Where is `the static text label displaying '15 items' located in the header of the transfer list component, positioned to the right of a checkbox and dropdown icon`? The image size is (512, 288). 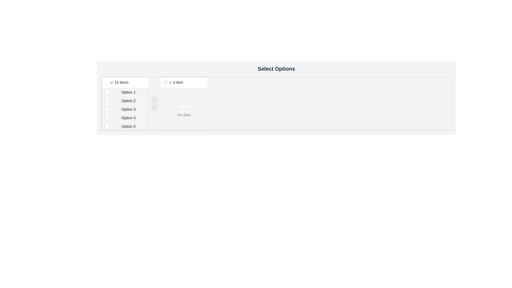 the static text label displaying '15 items' located in the header of the transfer list component, positioned to the right of a checkbox and dropdown icon is located at coordinates (121, 82).